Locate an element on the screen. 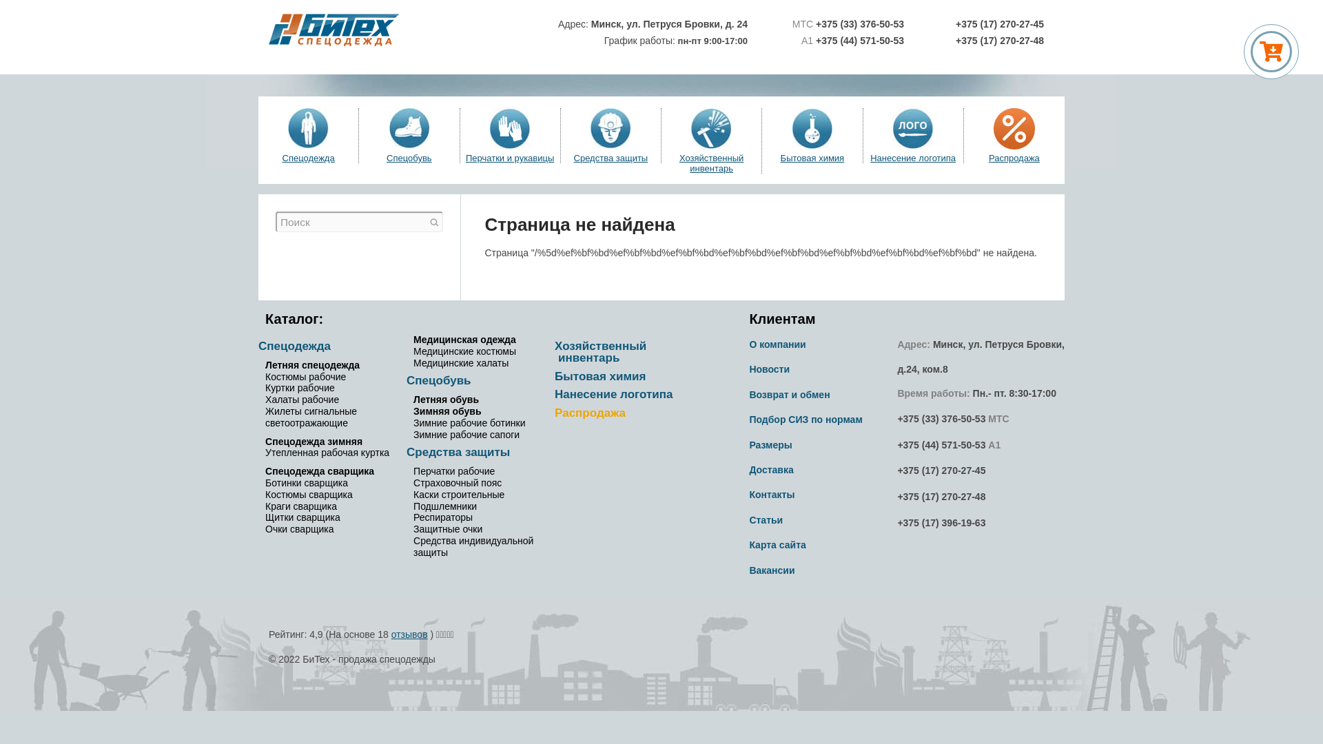 The width and height of the screenshot is (1323, 744). '+375 (17) 396-19-63' is located at coordinates (941, 523).